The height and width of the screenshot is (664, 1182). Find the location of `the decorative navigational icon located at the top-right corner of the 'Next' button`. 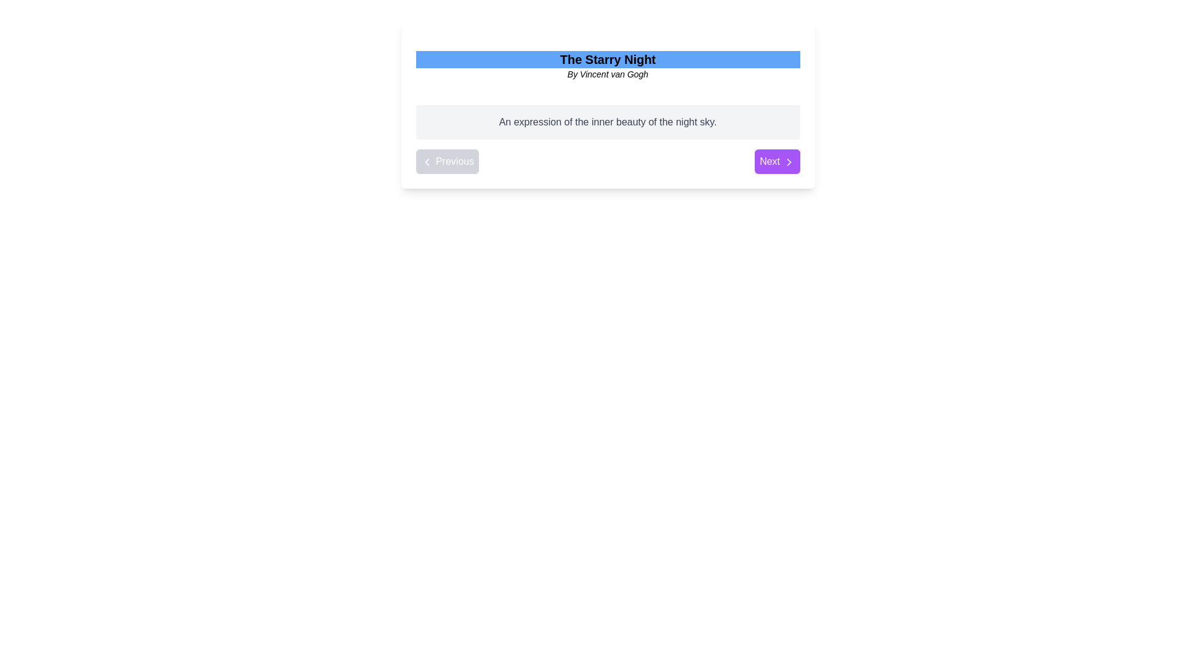

the decorative navigational icon located at the top-right corner of the 'Next' button is located at coordinates (789, 161).